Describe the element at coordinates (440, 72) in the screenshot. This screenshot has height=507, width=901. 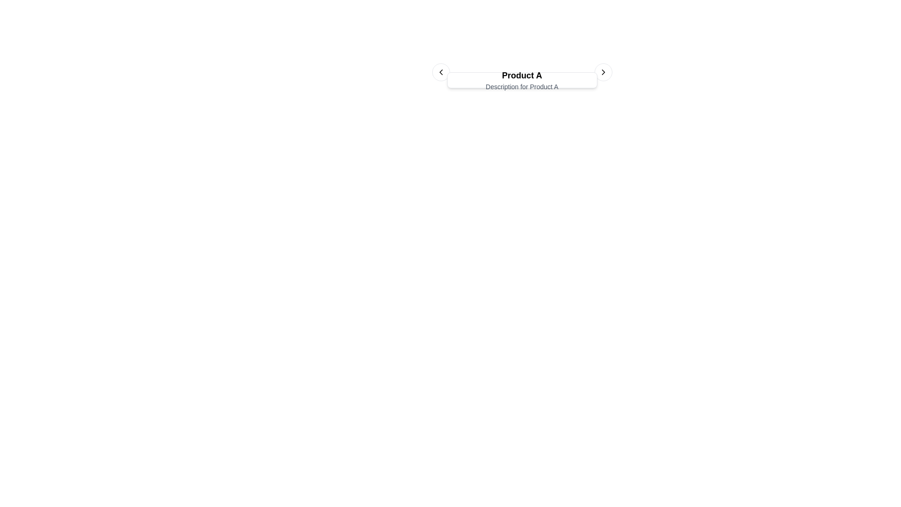
I see `the leftward-facing chevron icon that is part of the navigational elements for 'Product A'` at that location.